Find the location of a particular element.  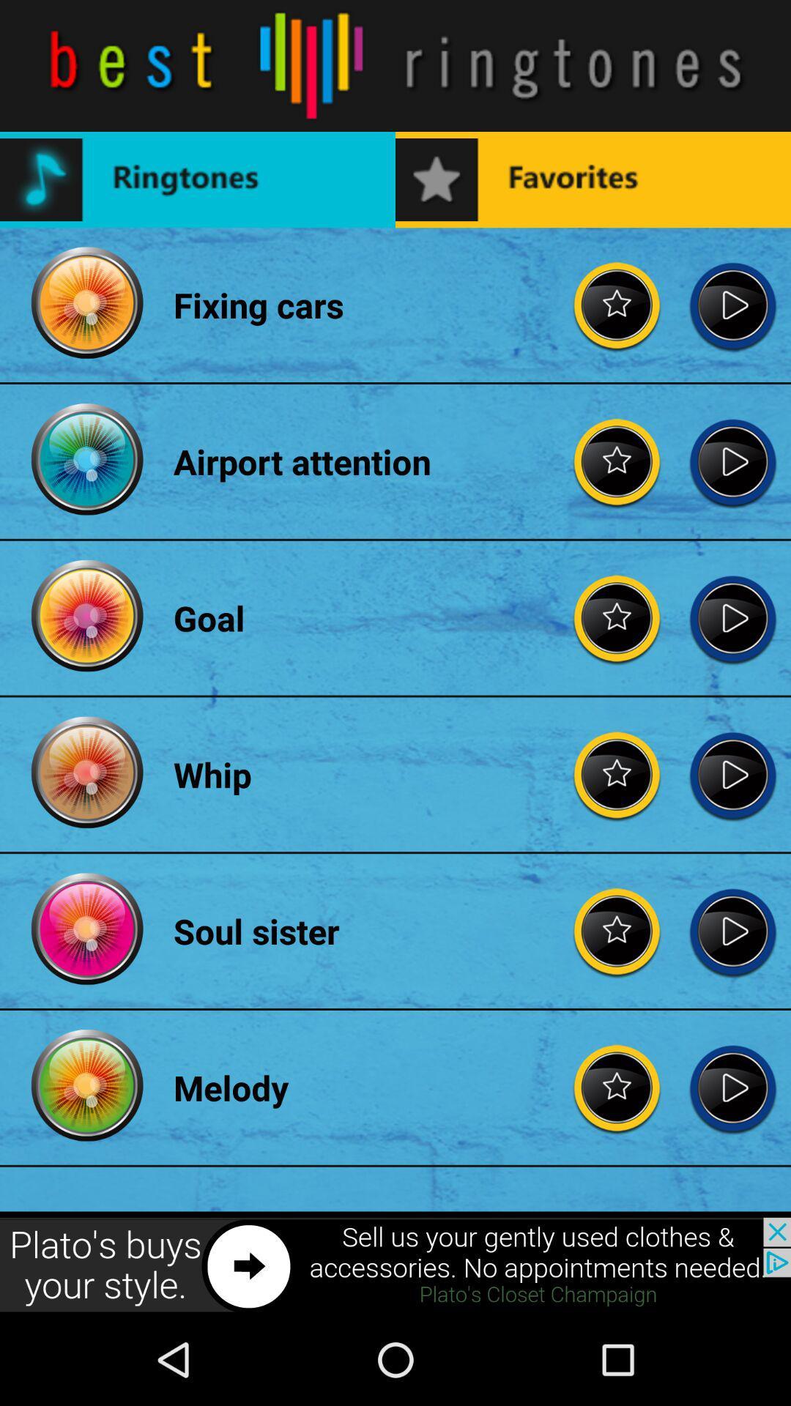

option is located at coordinates (617, 304).